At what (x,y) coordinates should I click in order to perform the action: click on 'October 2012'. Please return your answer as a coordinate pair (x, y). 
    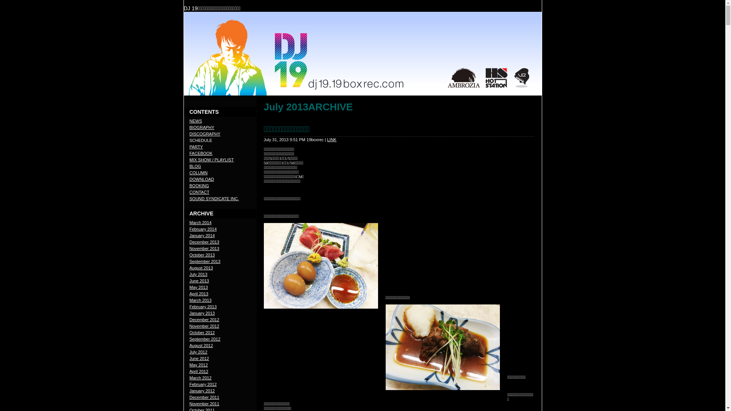
    Looking at the image, I should click on (202, 332).